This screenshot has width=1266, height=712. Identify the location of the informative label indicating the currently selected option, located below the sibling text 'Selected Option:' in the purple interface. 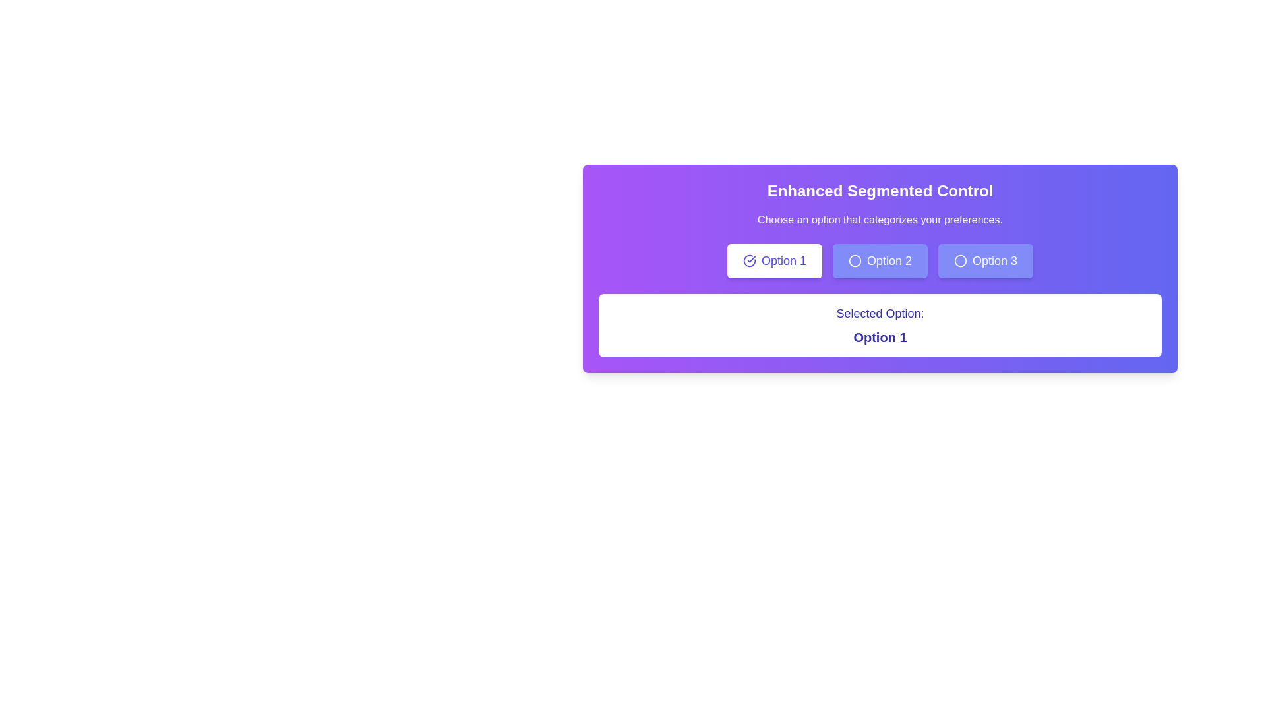
(880, 337).